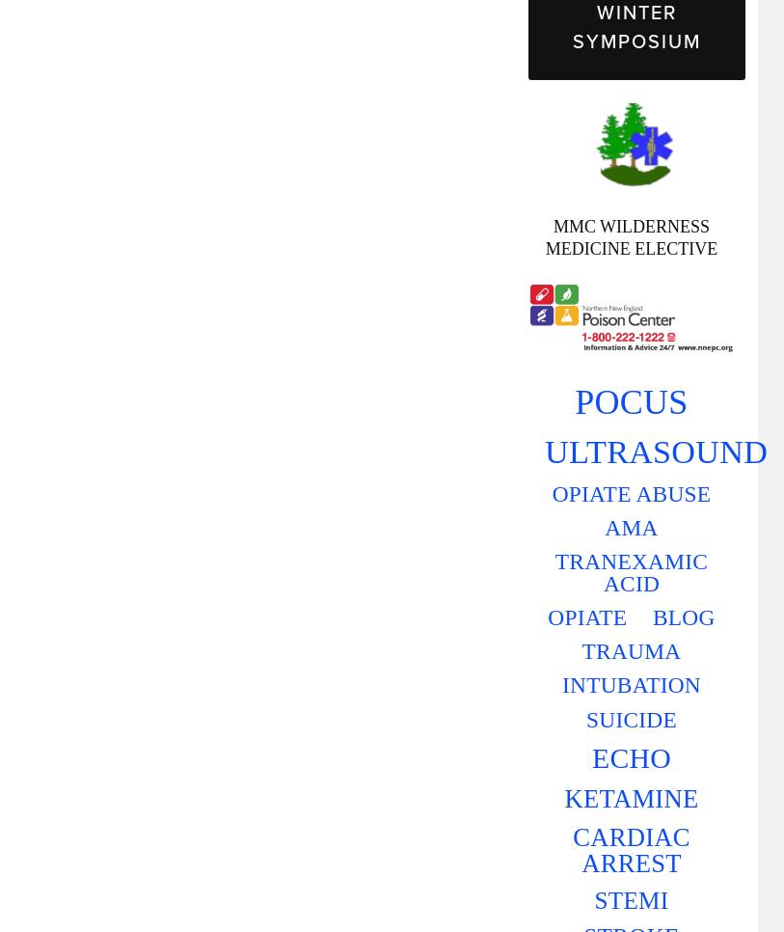 This screenshot has width=784, height=932. What do you see at coordinates (631, 572) in the screenshot?
I see `'TRANEXAMIC ACID'` at bounding box center [631, 572].